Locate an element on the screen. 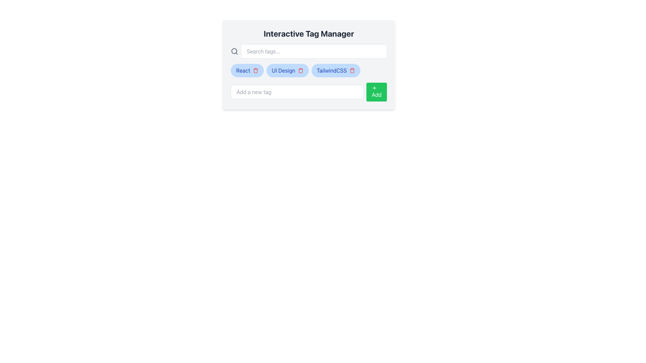  the interactive trash icon styled with 'text-red-500' for delete action is located at coordinates (352, 70).